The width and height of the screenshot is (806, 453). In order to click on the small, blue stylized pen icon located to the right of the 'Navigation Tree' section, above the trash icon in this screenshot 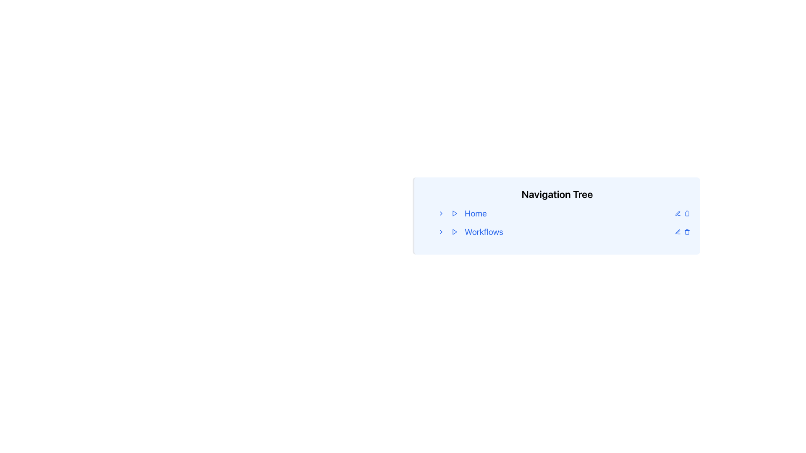, I will do `click(678, 232)`.